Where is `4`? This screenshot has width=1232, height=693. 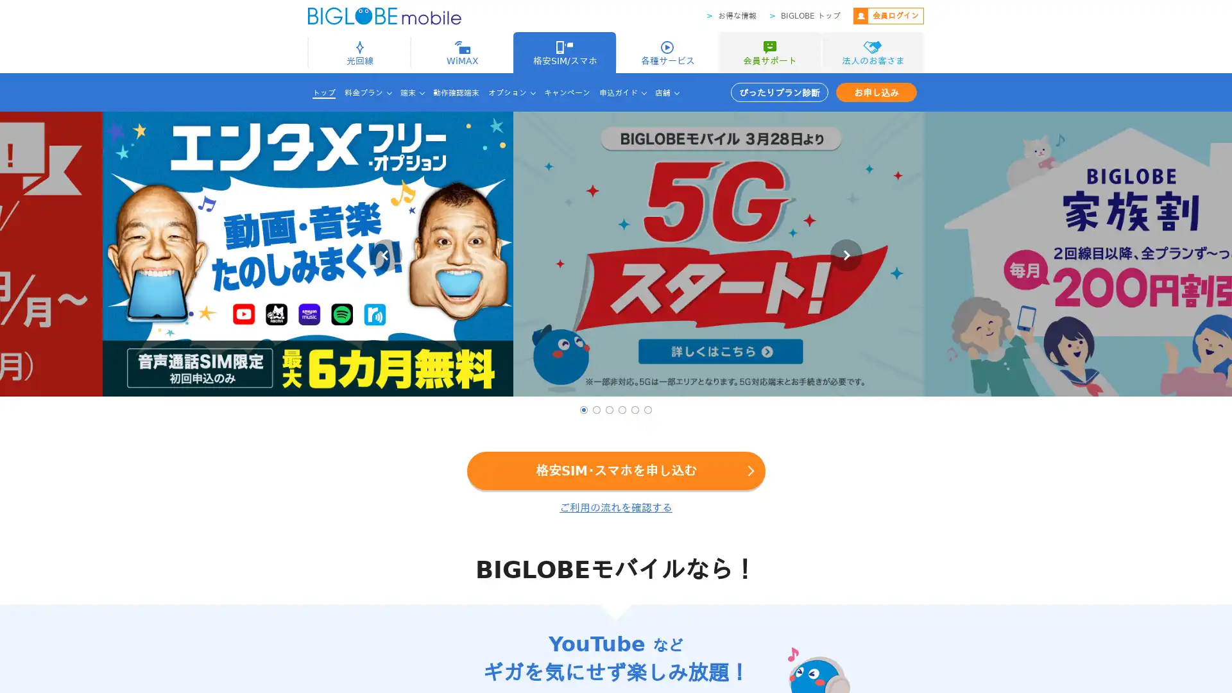 4 is located at coordinates (622, 410).